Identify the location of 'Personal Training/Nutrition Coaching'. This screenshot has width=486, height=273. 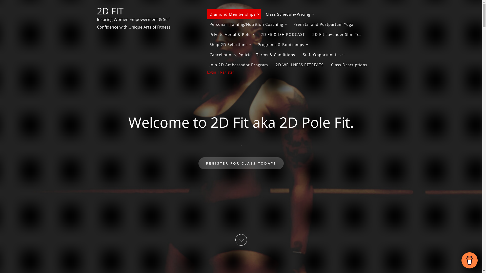
(248, 24).